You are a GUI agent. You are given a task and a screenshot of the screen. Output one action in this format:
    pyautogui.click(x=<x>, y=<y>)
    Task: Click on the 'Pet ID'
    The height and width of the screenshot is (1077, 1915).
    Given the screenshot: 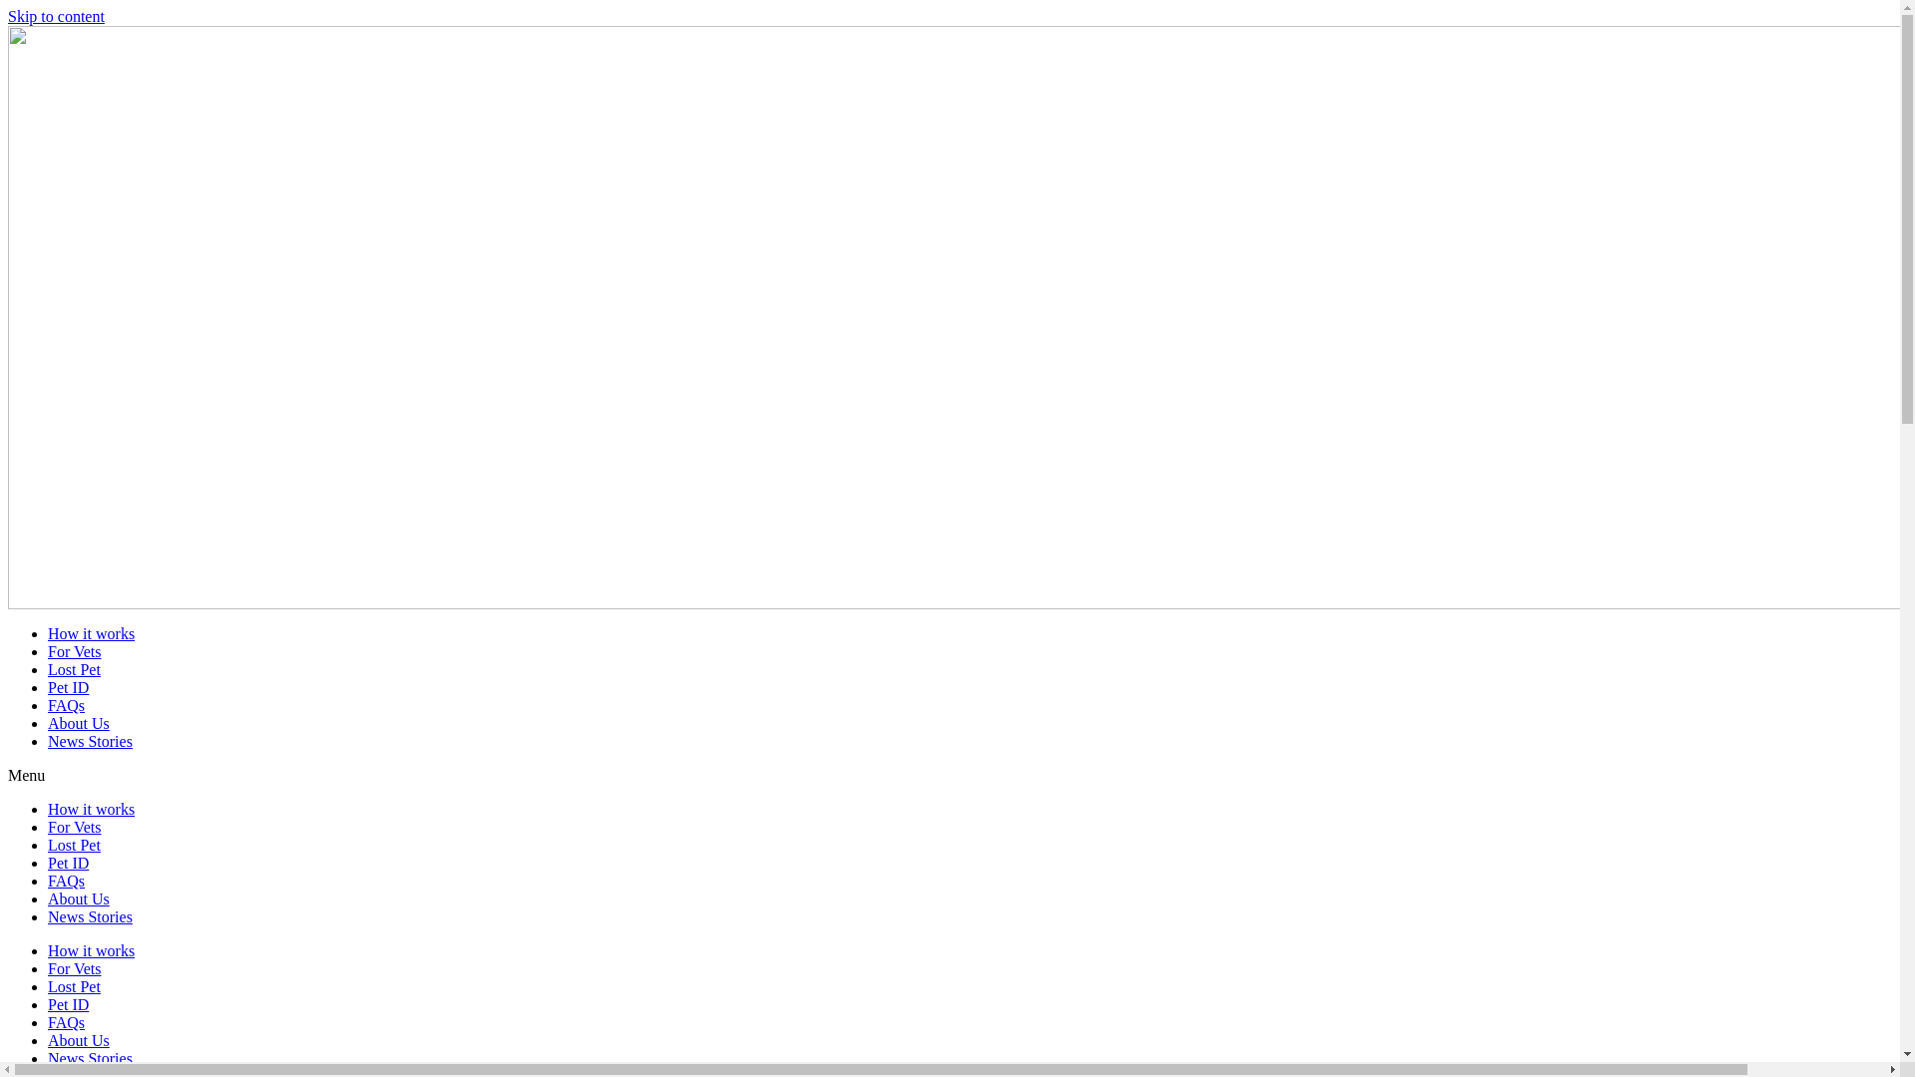 What is the action you would take?
    pyautogui.click(x=48, y=1004)
    